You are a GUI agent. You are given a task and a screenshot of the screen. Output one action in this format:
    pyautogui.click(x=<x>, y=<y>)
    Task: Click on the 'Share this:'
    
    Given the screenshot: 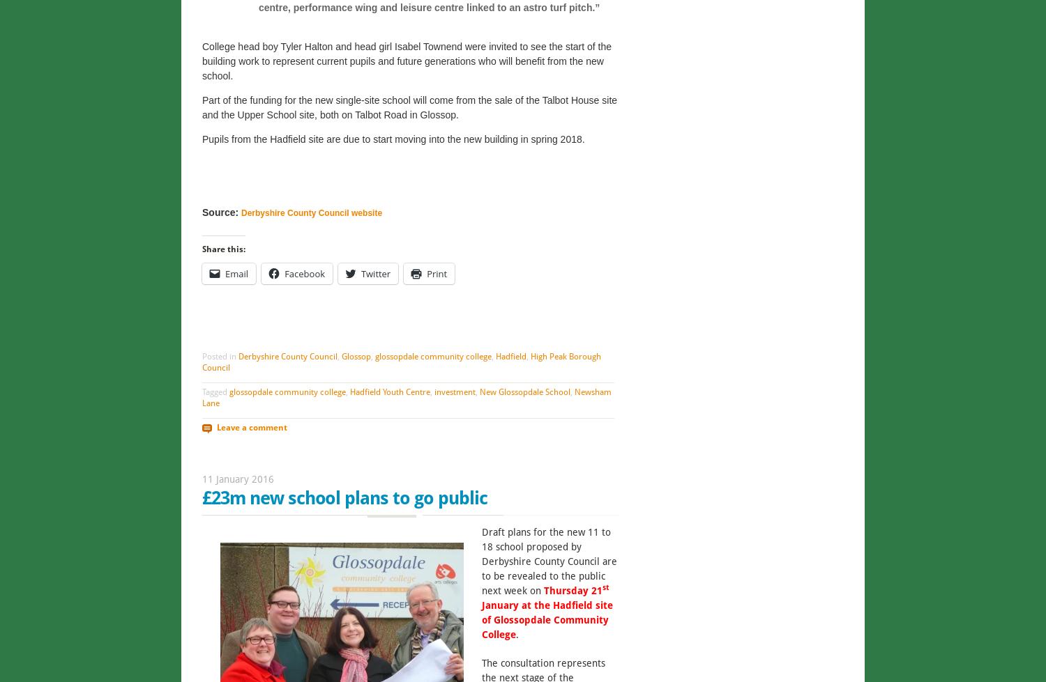 What is the action you would take?
    pyautogui.click(x=202, y=249)
    